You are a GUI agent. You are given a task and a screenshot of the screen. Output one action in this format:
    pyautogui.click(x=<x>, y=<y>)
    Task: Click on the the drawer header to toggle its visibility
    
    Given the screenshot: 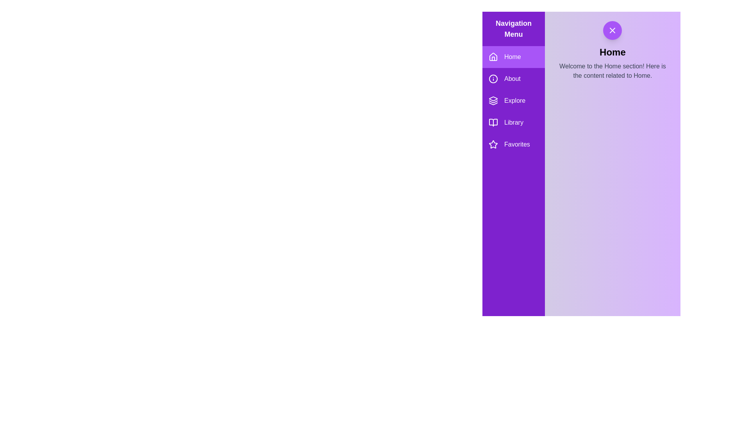 What is the action you would take?
    pyautogui.click(x=612, y=30)
    